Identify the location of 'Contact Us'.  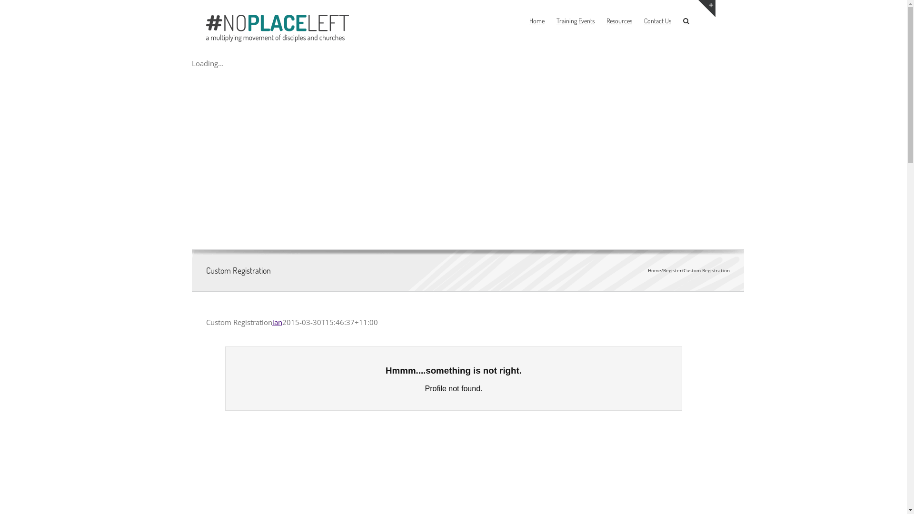
(656, 20).